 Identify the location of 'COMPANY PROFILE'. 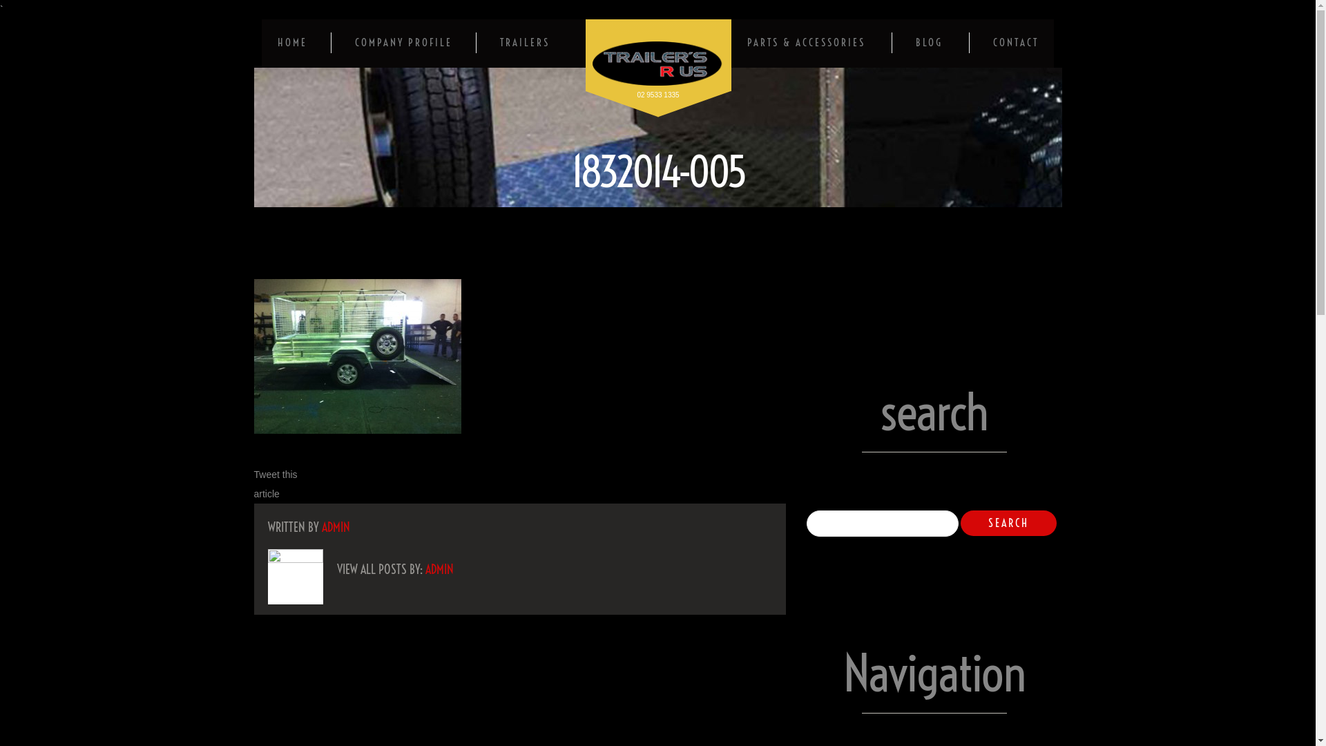
(354, 41).